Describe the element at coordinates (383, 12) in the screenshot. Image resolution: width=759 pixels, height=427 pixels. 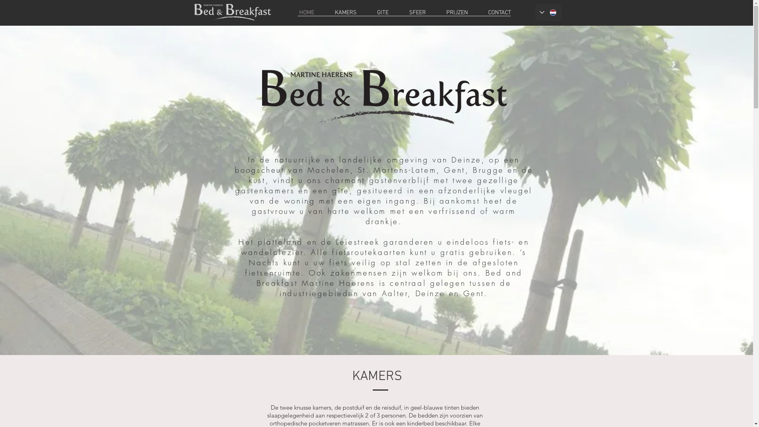
I see `'GITE'` at that location.